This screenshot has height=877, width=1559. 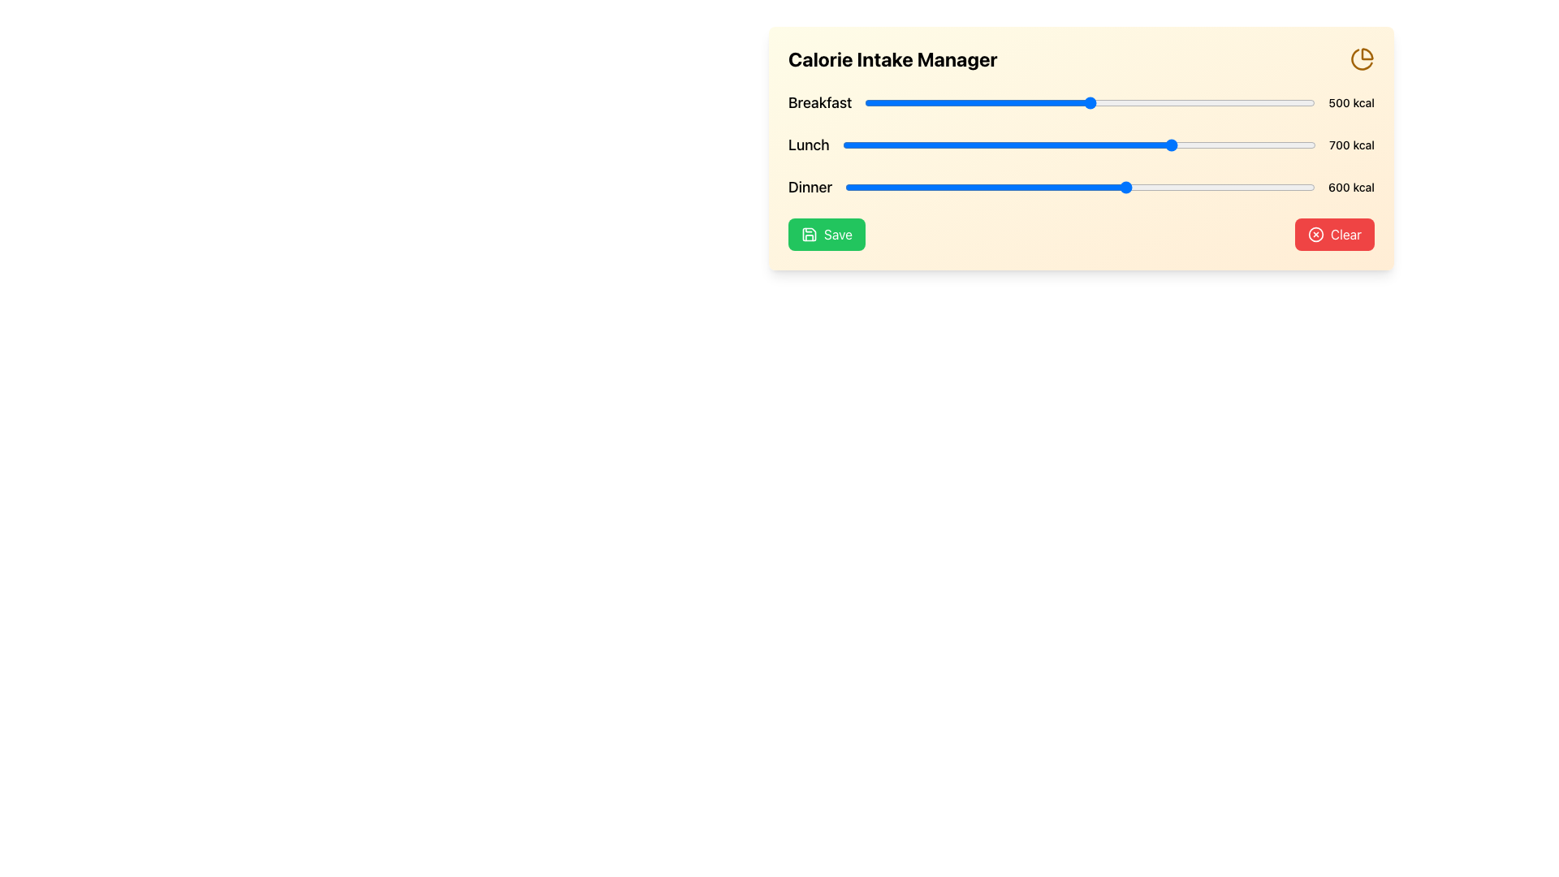 I want to click on the decorative graphical representation of the save button icon, which is green and located below the list of sliders labeled Breakfast, Lunch, and Dinner, so click(x=810, y=235).